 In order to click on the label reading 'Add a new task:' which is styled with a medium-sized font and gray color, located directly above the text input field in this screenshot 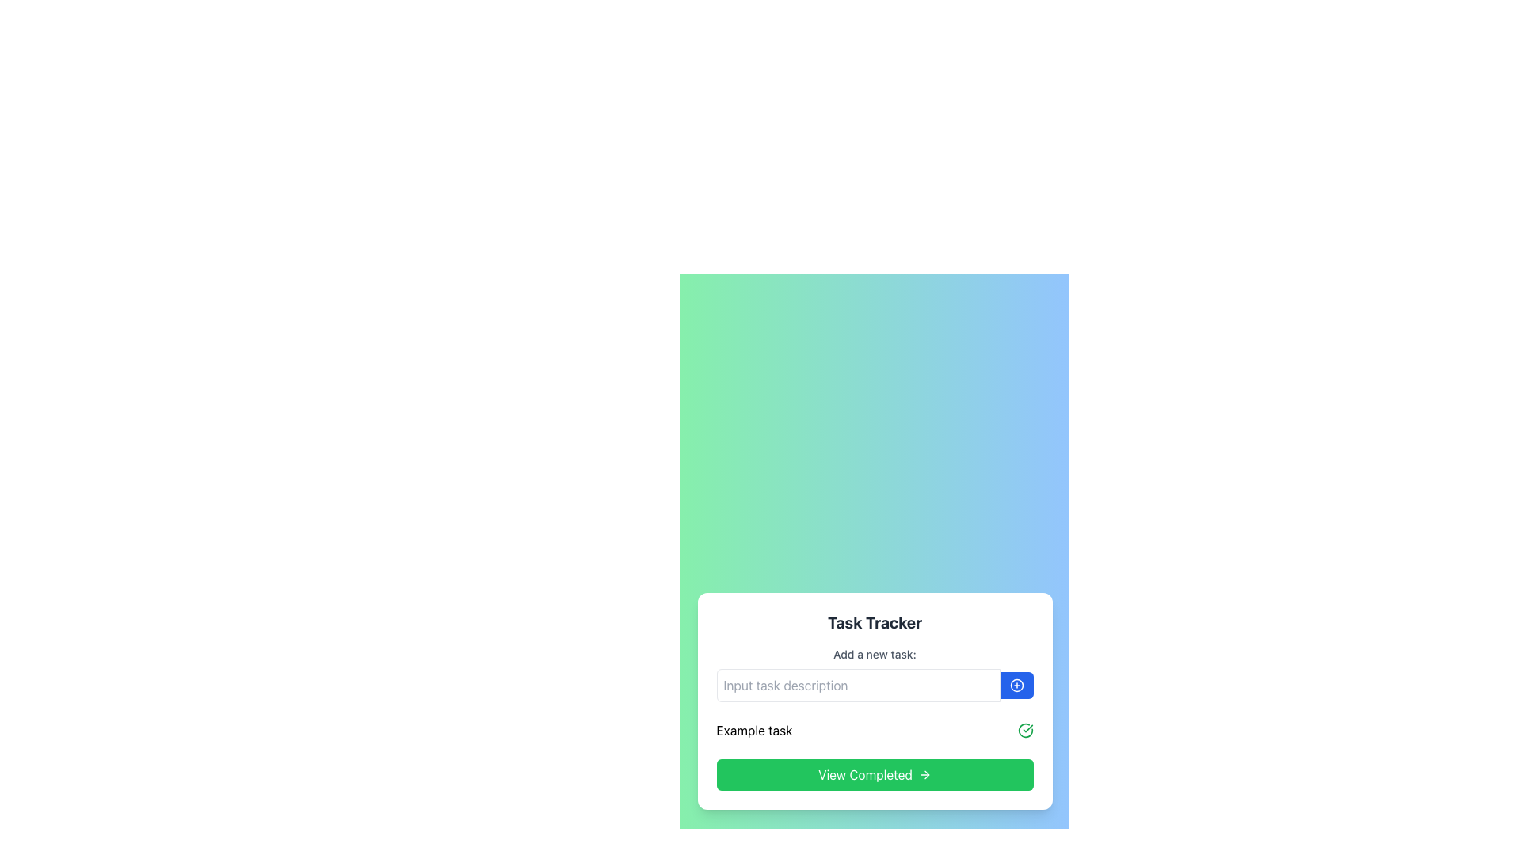, I will do `click(874, 654)`.